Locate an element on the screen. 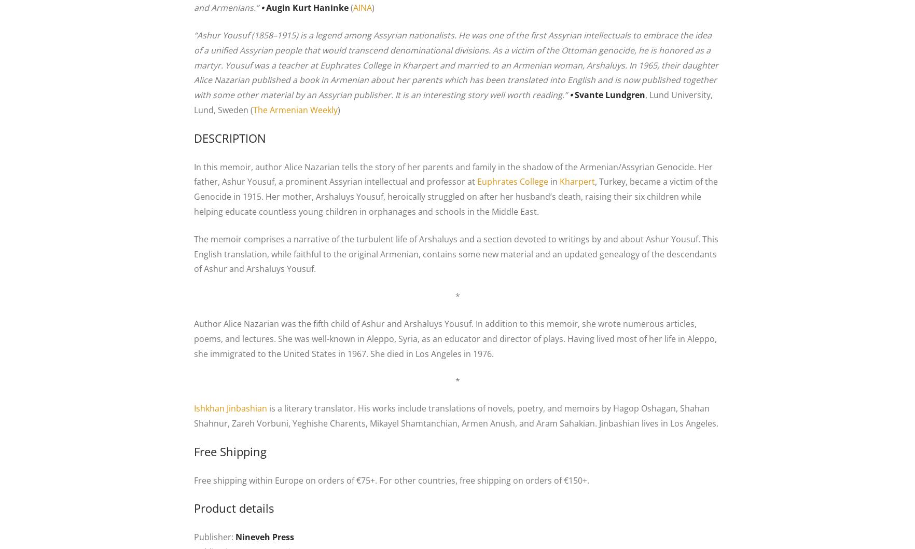 Image resolution: width=915 pixels, height=549 pixels. 'Product details' is located at coordinates (234, 507).